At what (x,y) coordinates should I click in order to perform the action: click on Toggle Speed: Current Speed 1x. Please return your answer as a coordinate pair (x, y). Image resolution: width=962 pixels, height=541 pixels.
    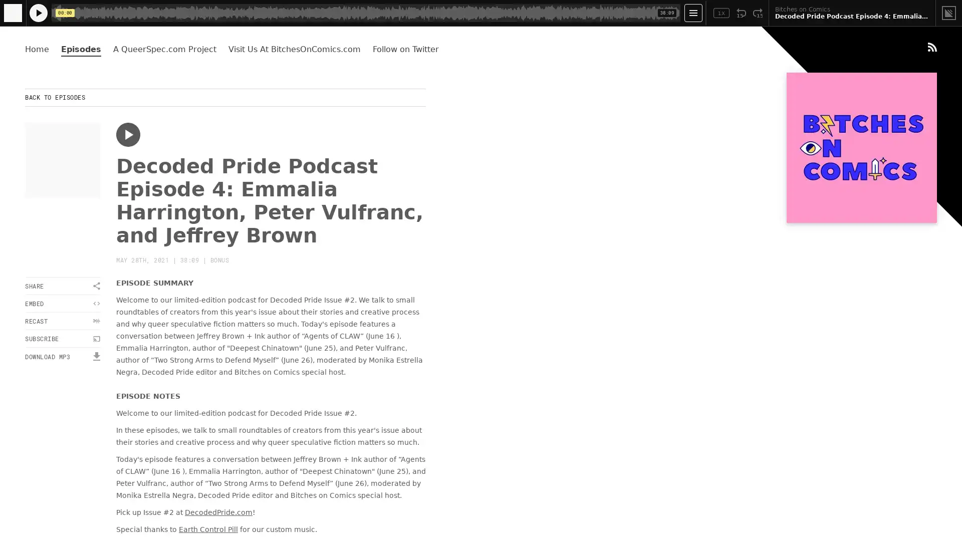
    Looking at the image, I should click on (722, 13).